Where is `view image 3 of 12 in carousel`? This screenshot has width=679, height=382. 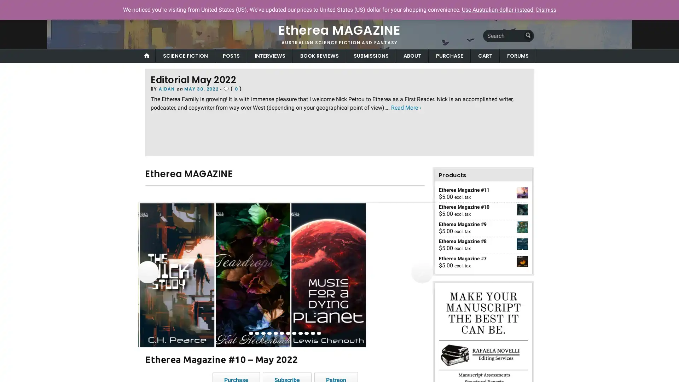
view image 3 of 12 in carousel is located at coordinates (263, 333).